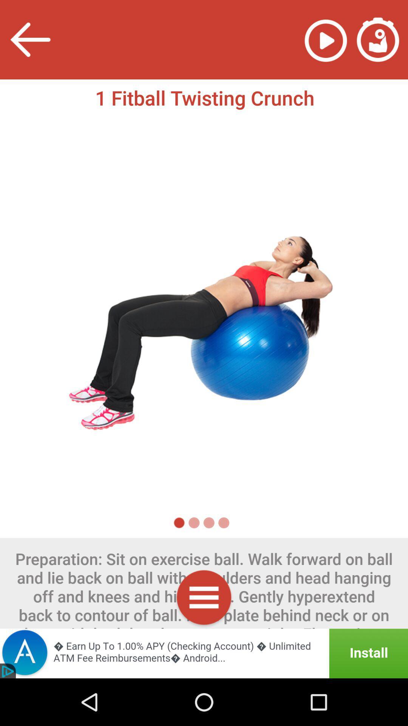 This screenshot has width=408, height=726. What do you see at coordinates (325, 39) in the screenshot?
I see `switch autoplay option` at bounding box center [325, 39].